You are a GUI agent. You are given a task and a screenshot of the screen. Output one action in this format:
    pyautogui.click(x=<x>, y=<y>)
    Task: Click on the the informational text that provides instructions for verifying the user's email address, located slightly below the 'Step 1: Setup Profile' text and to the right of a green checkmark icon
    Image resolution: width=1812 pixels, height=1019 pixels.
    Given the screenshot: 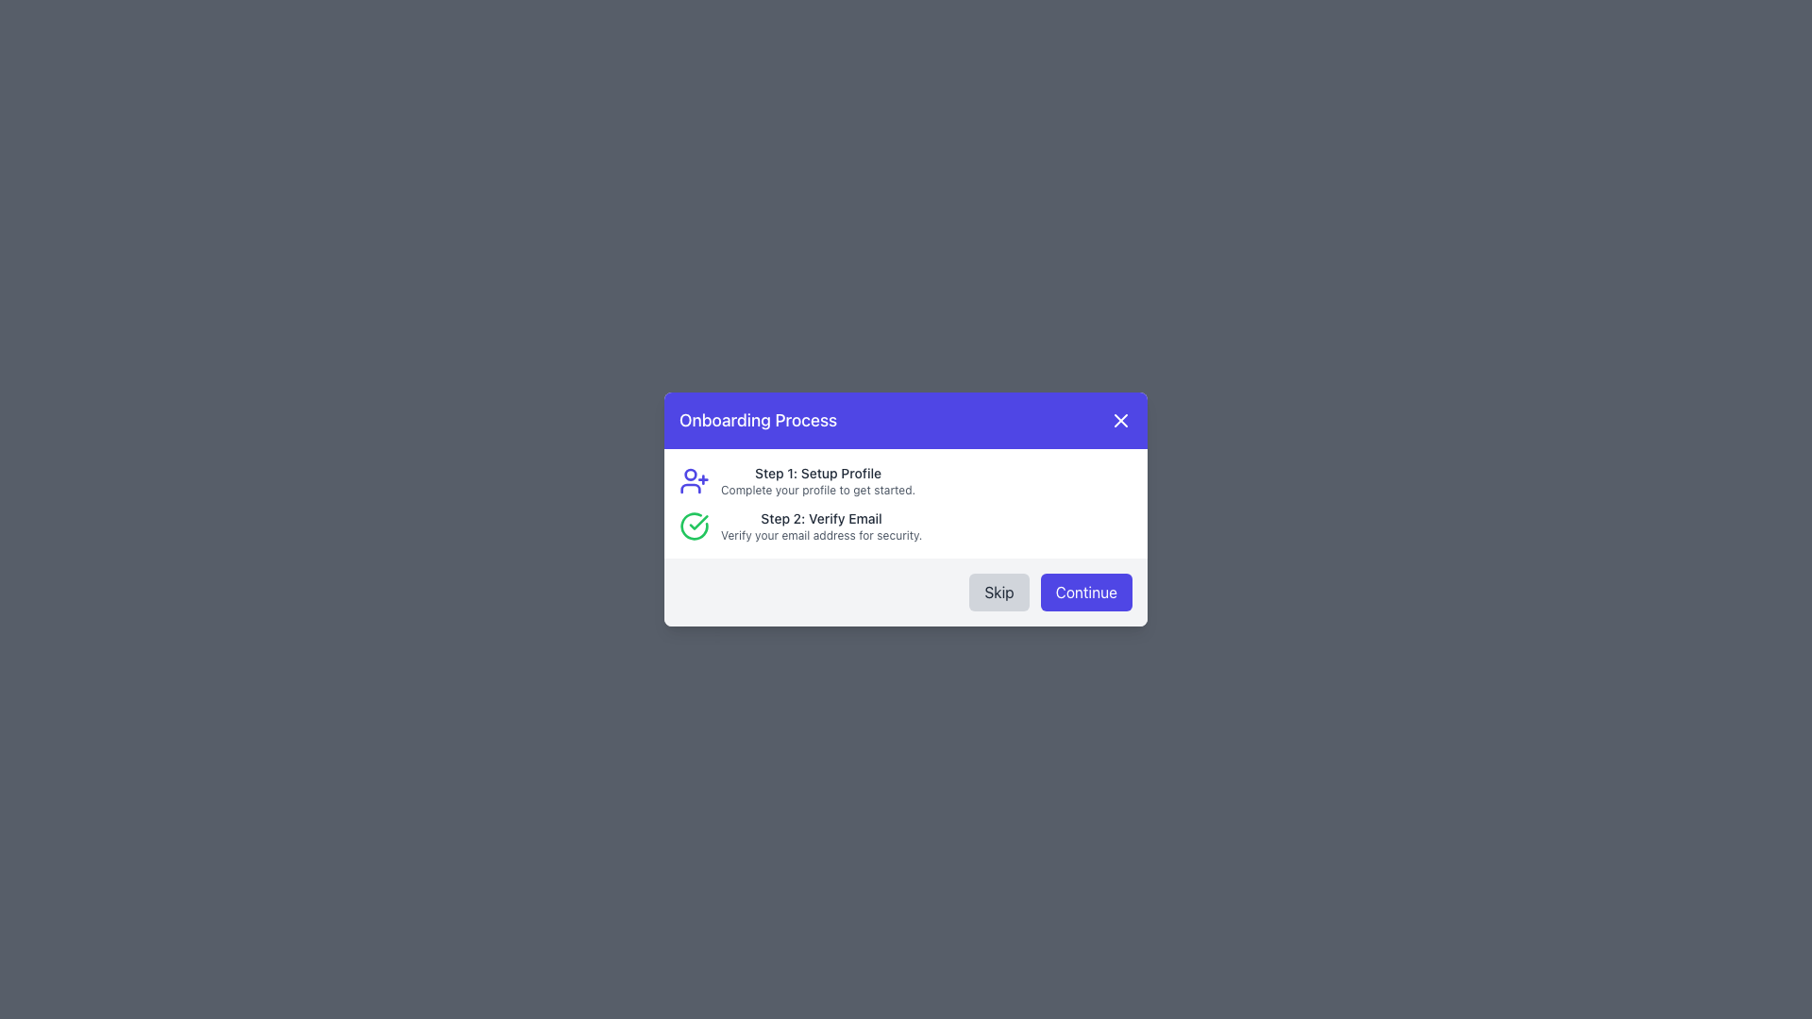 What is the action you would take?
    pyautogui.click(x=821, y=526)
    